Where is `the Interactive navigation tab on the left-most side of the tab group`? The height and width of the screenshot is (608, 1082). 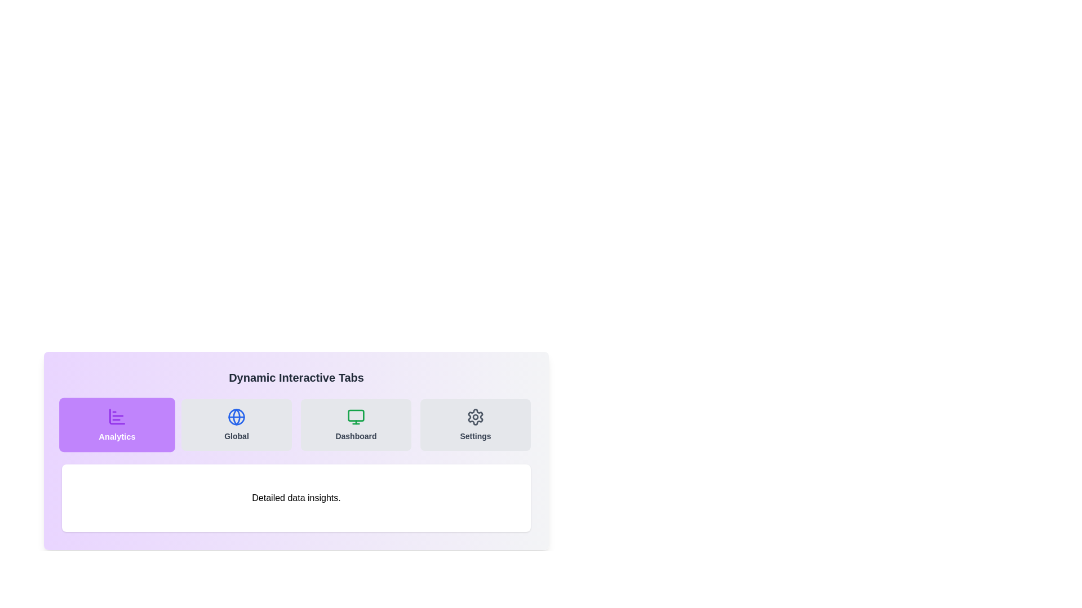 the Interactive navigation tab on the left-most side of the tab group is located at coordinates (117, 425).